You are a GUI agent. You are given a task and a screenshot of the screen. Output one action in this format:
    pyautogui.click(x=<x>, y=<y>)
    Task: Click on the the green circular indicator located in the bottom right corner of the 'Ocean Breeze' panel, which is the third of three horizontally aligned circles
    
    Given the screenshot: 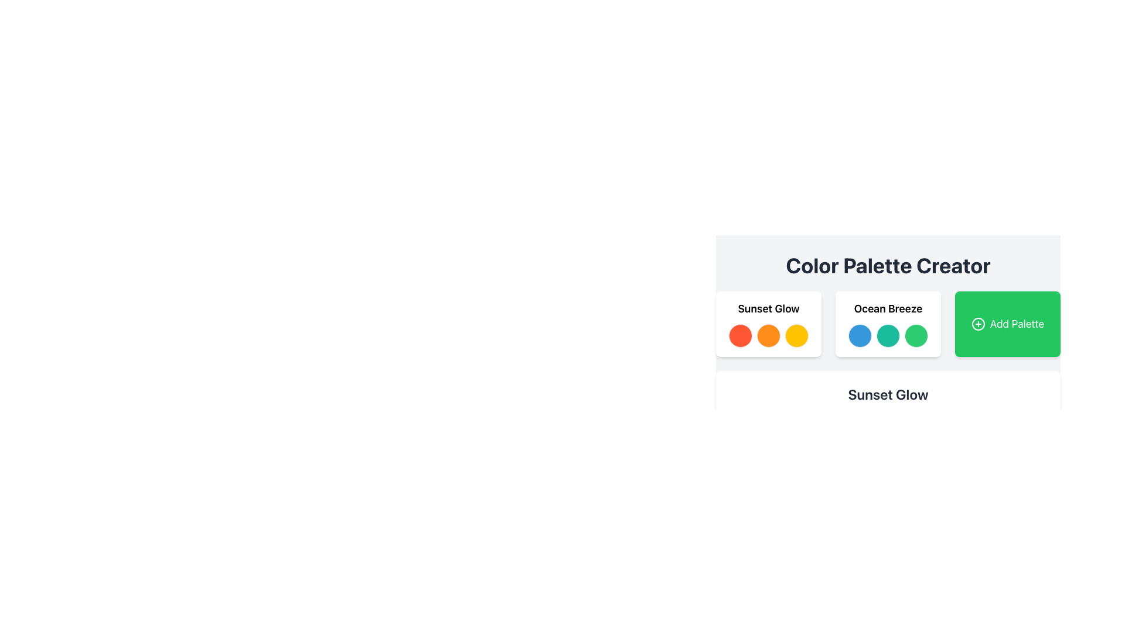 What is the action you would take?
    pyautogui.click(x=916, y=336)
    